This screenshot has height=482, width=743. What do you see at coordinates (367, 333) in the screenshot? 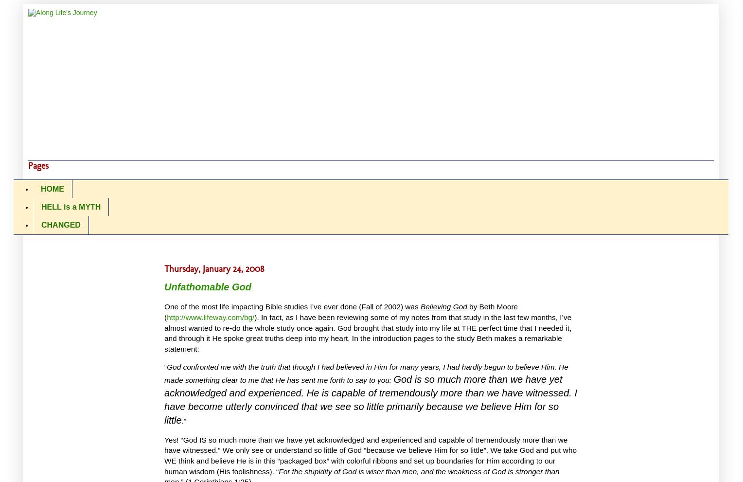
I see `'God brought that study into my life at THE perfect time that I needed it, and through it He spoke great truths deep into my heart.'` at bounding box center [367, 333].